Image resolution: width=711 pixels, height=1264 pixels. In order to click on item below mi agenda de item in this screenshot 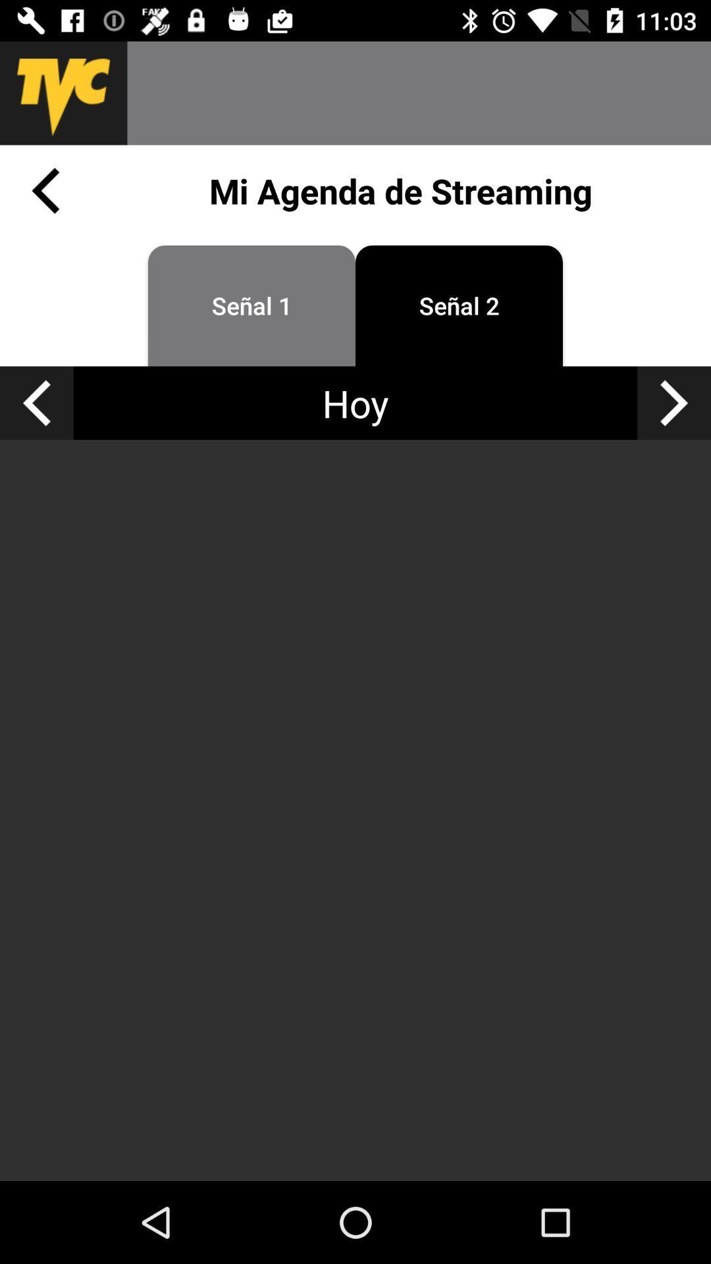, I will do `click(674, 402)`.